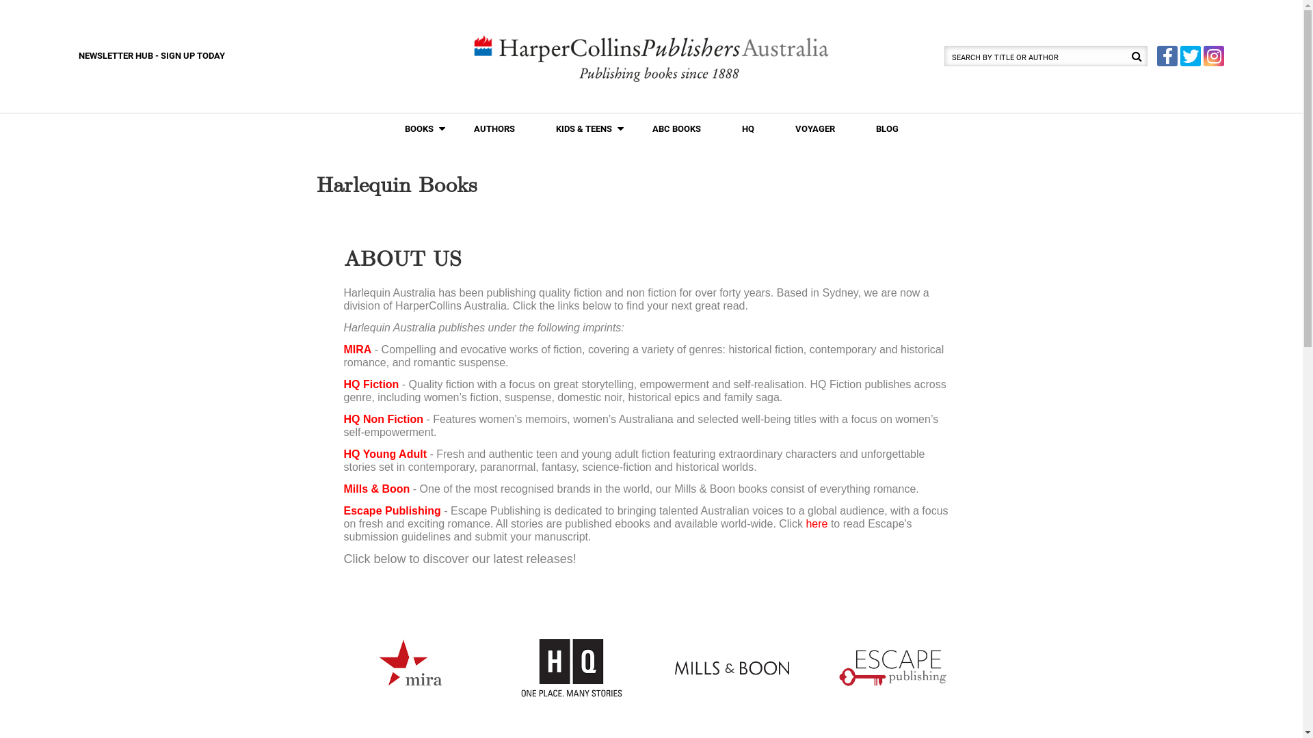  I want to click on 'VOYAGER', so click(814, 129).